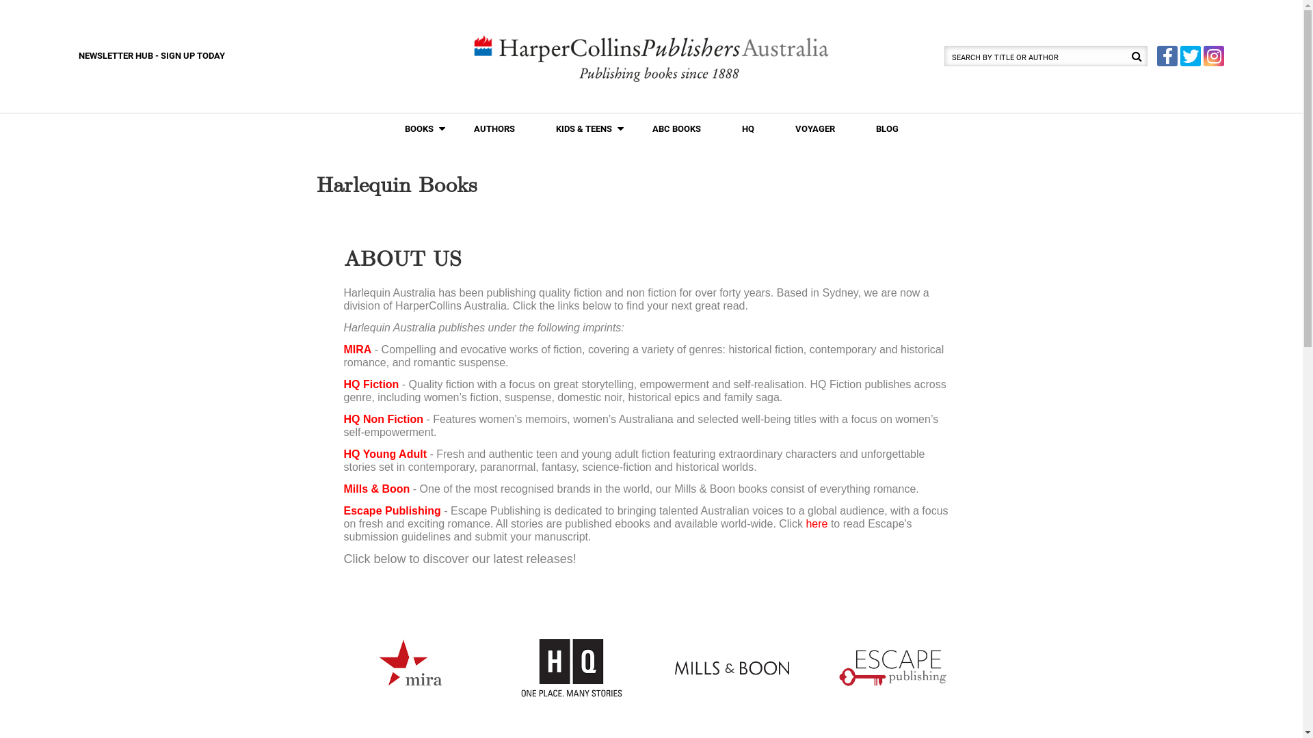  I want to click on 'VOYAGER', so click(814, 129).